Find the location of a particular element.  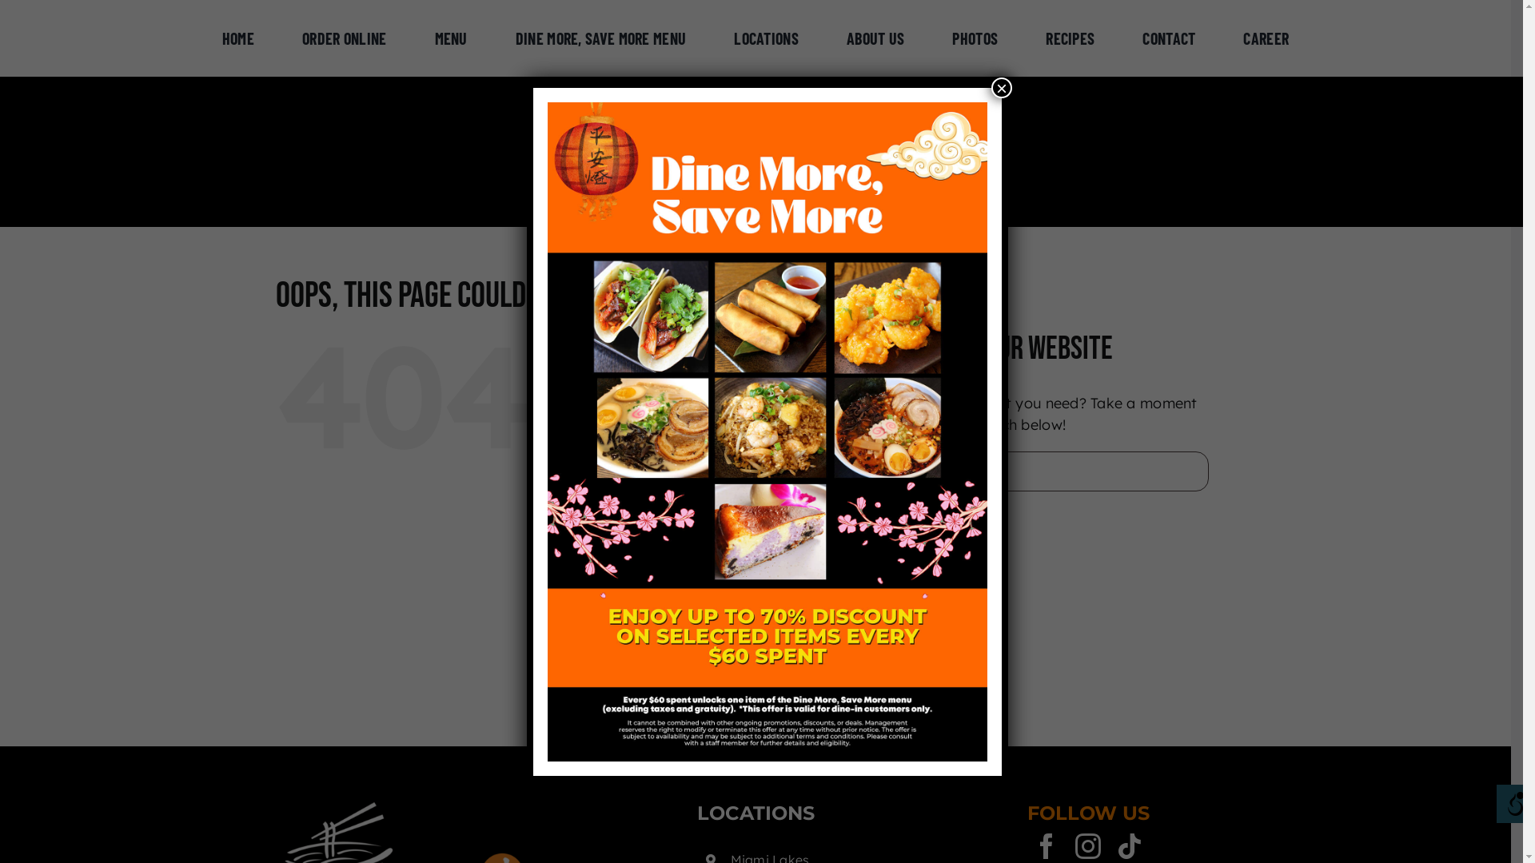

'CAREER' is located at coordinates (1242, 37).